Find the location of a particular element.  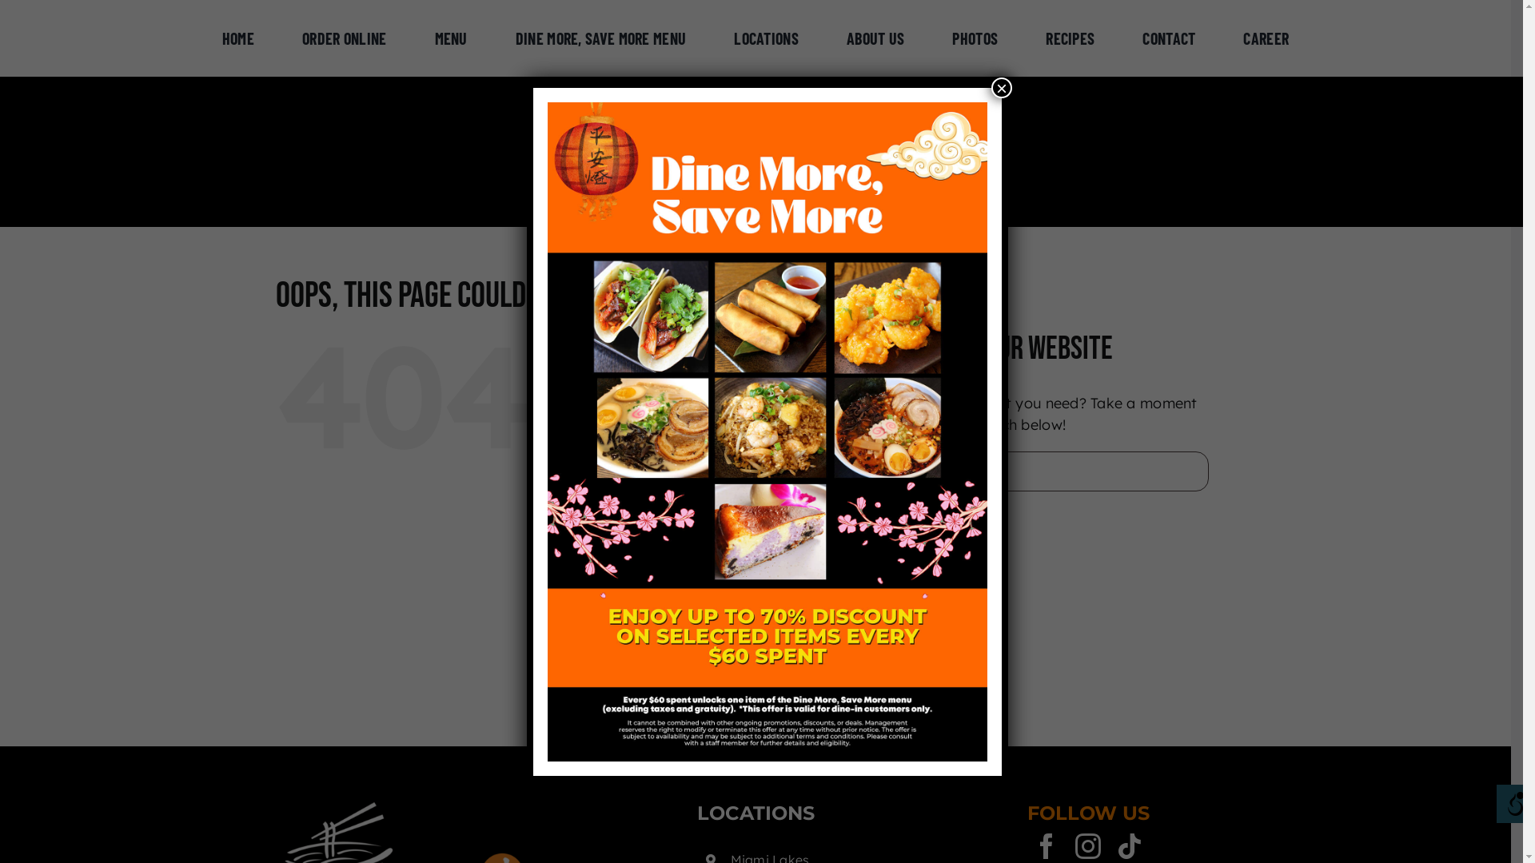

'CAREER' is located at coordinates (1242, 37).